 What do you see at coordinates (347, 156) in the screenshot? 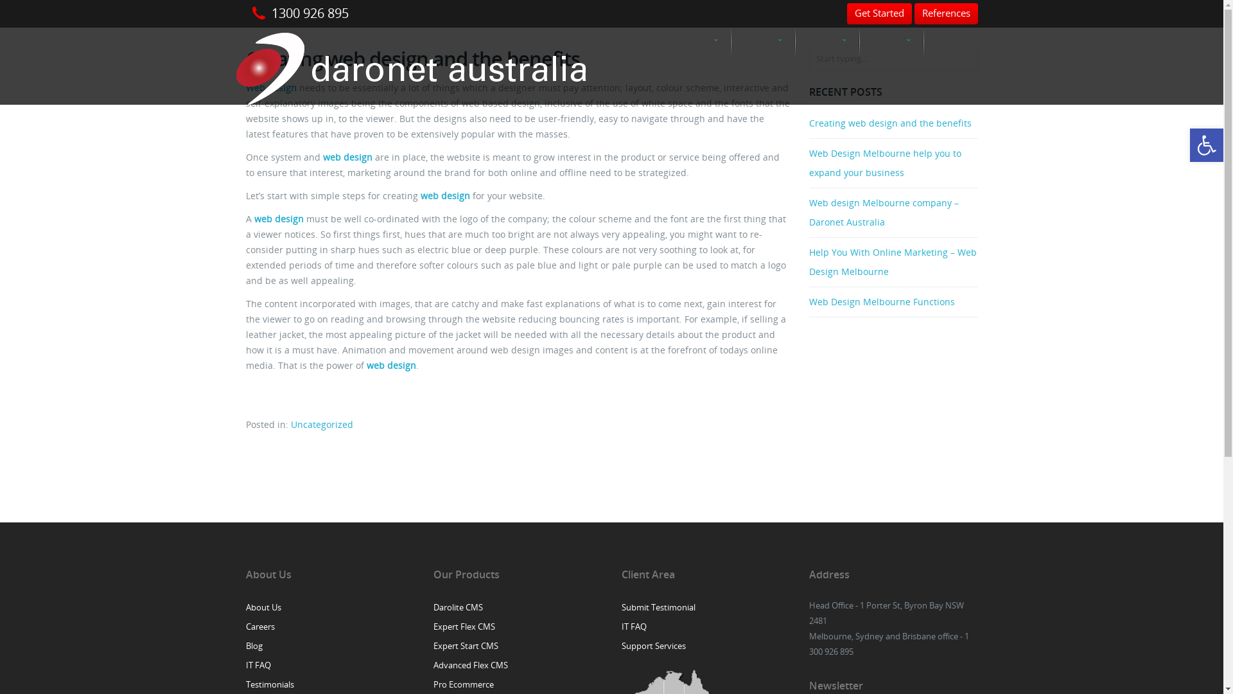
I see `'web design'` at bounding box center [347, 156].